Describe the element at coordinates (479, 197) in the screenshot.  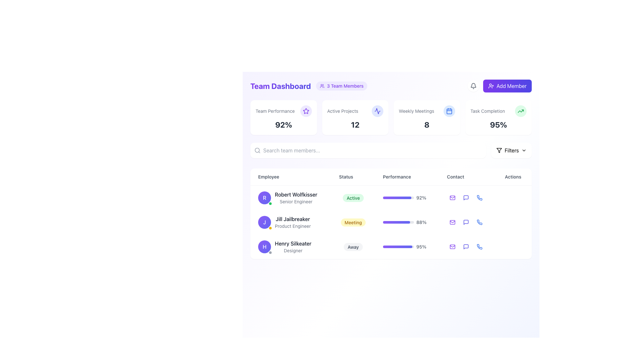
I see `the blue phone icon button, which is the third and rightmost action button in the 'Actions' column of the table, to initiate a call` at that location.